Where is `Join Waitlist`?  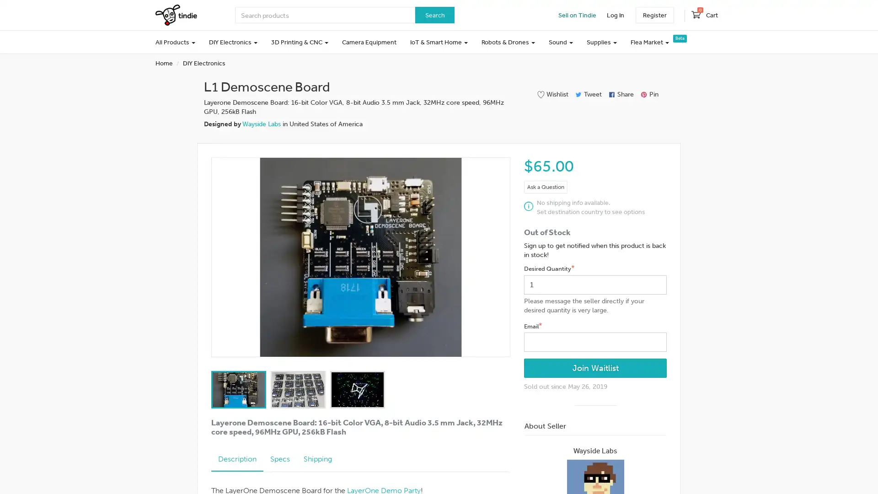
Join Waitlist is located at coordinates (595, 368).